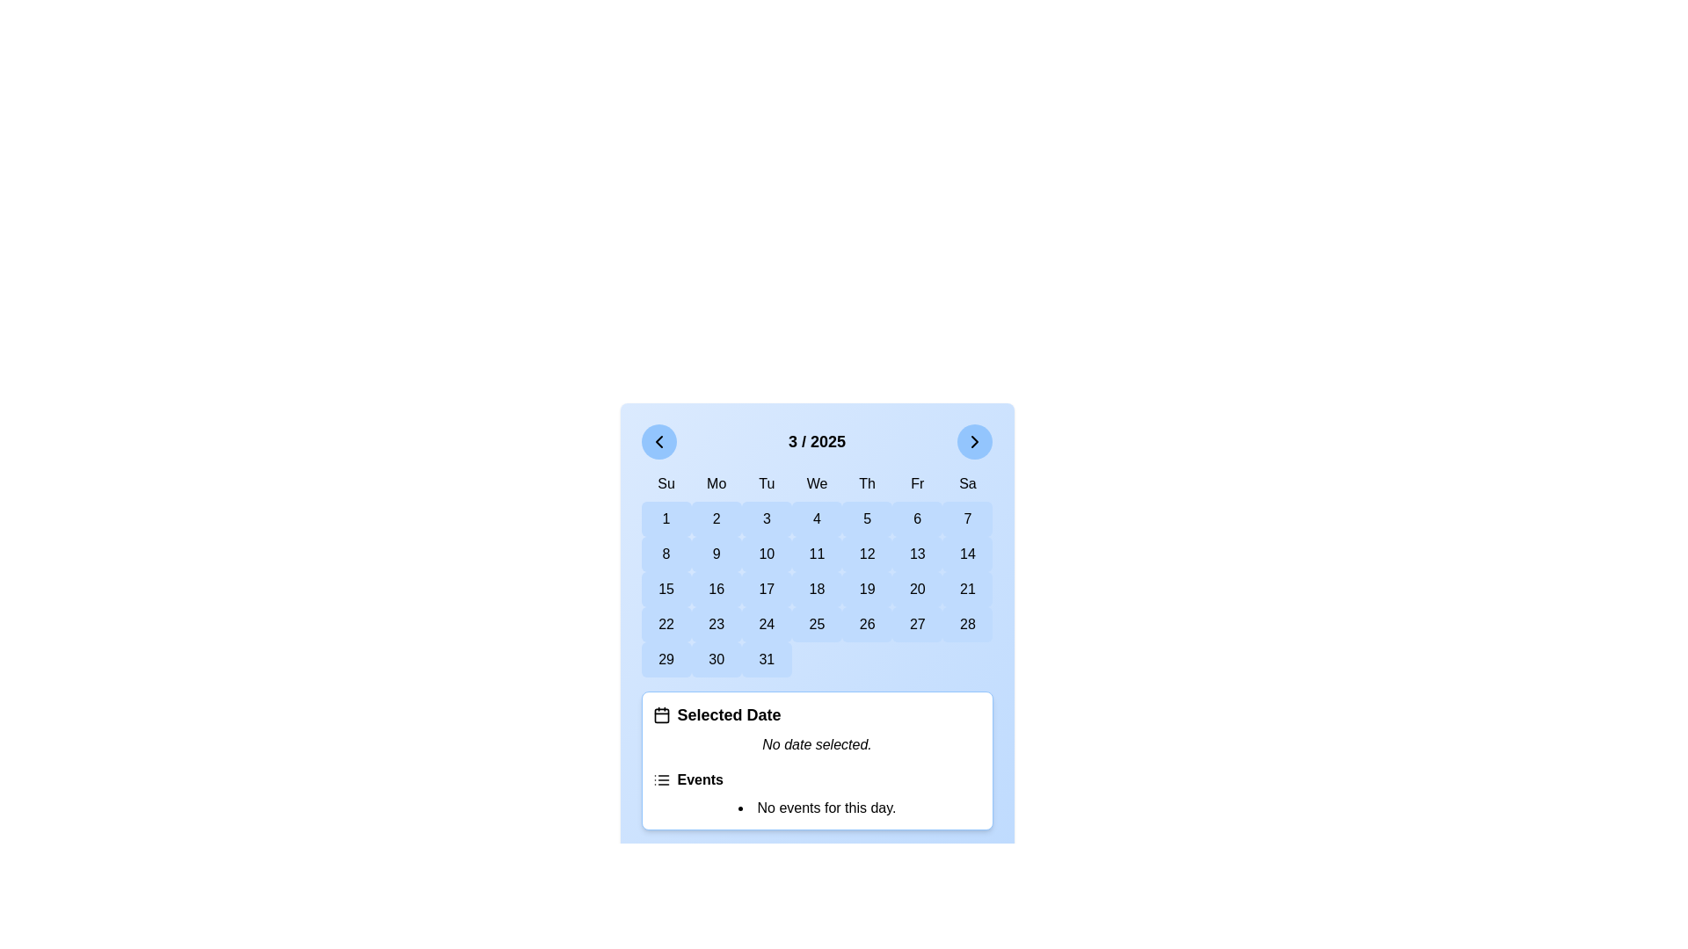  What do you see at coordinates (966, 518) in the screenshot?
I see `the rounded rectangular button labeled '7' with a light blue background` at bounding box center [966, 518].